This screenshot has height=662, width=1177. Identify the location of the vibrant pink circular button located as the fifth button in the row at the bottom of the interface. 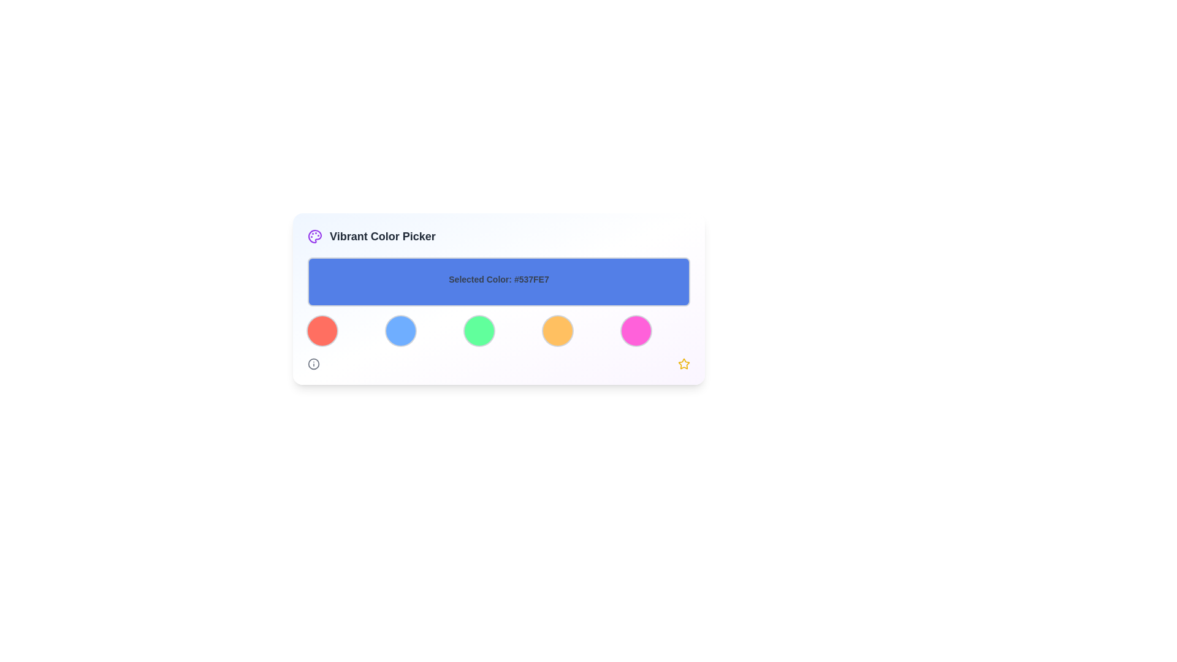
(636, 331).